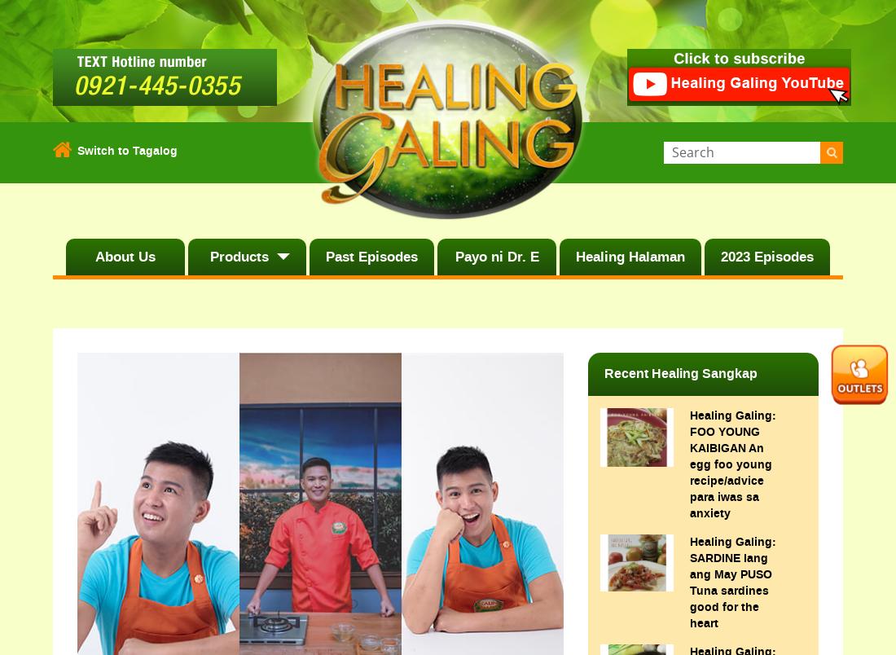 The height and width of the screenshot is (655, 896). What do you see at coordinates (688, 464) in the screenshot?
I see `'Healing Galing: FOO YOUNG KAIBIGAN An egg foo young recipe/advice para iwas sa anxiety'` at bounding box center [688, 464].